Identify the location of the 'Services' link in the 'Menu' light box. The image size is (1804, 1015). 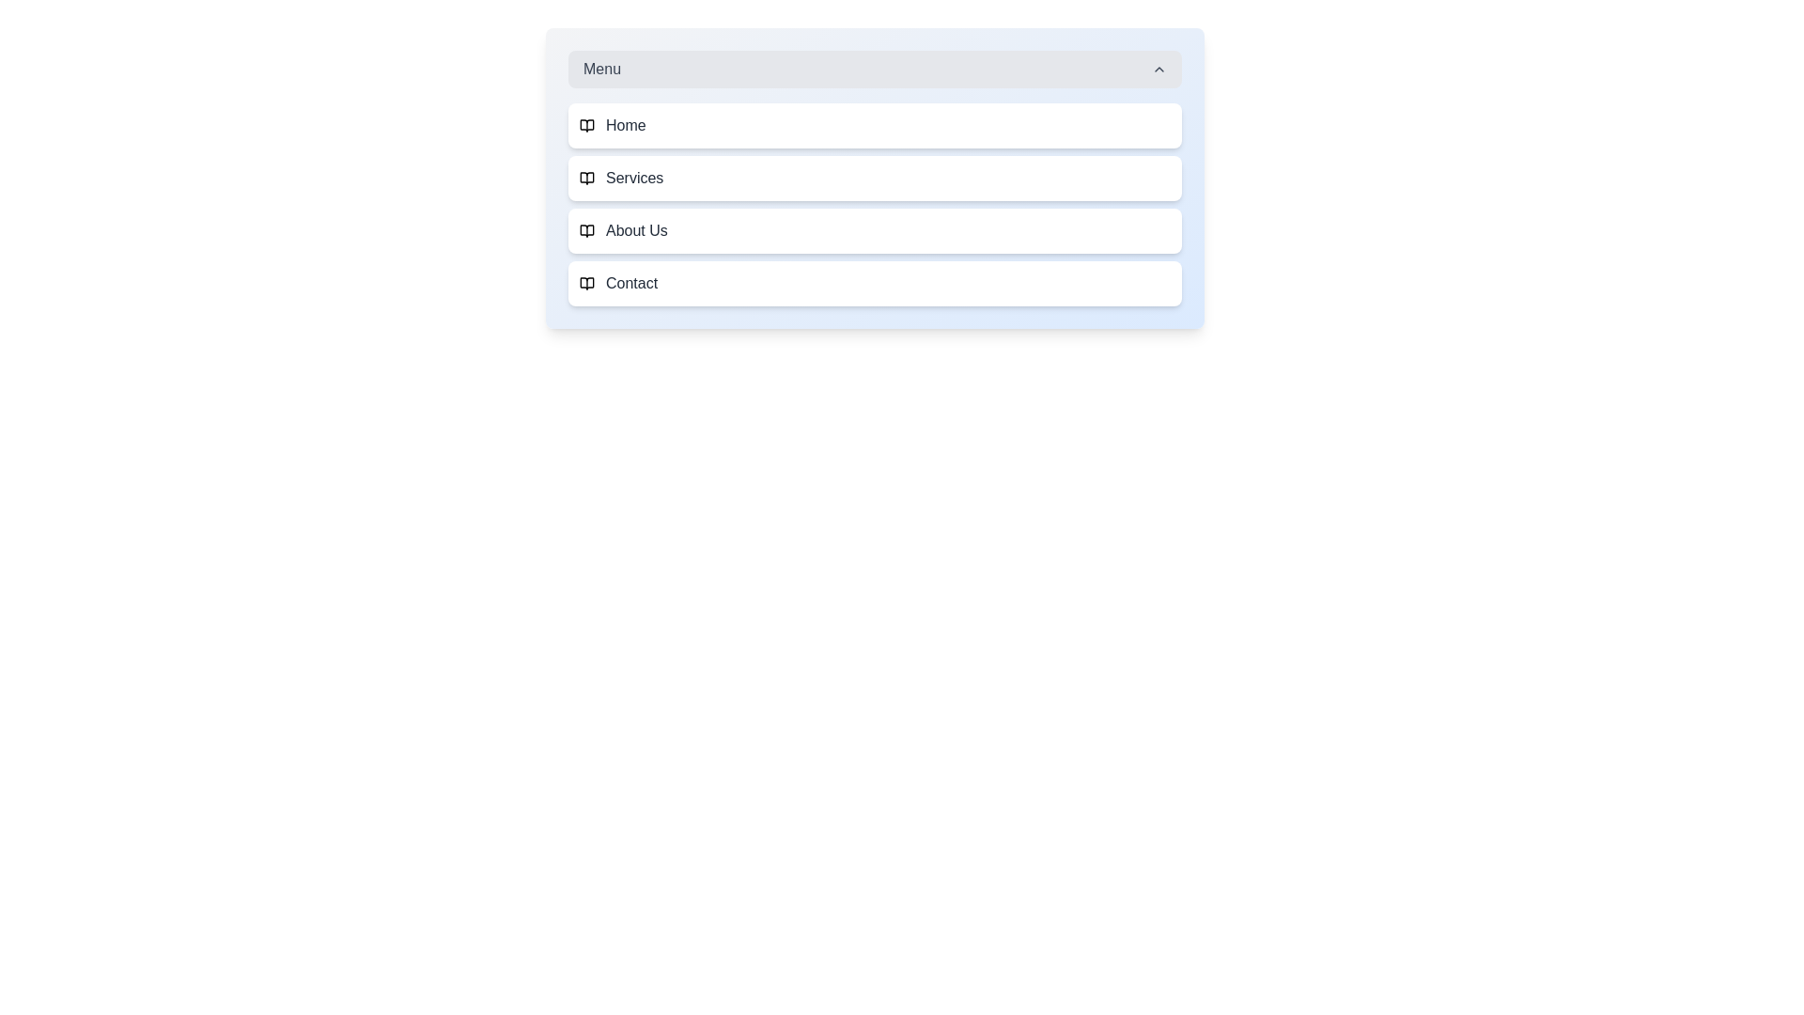
(874, 178).